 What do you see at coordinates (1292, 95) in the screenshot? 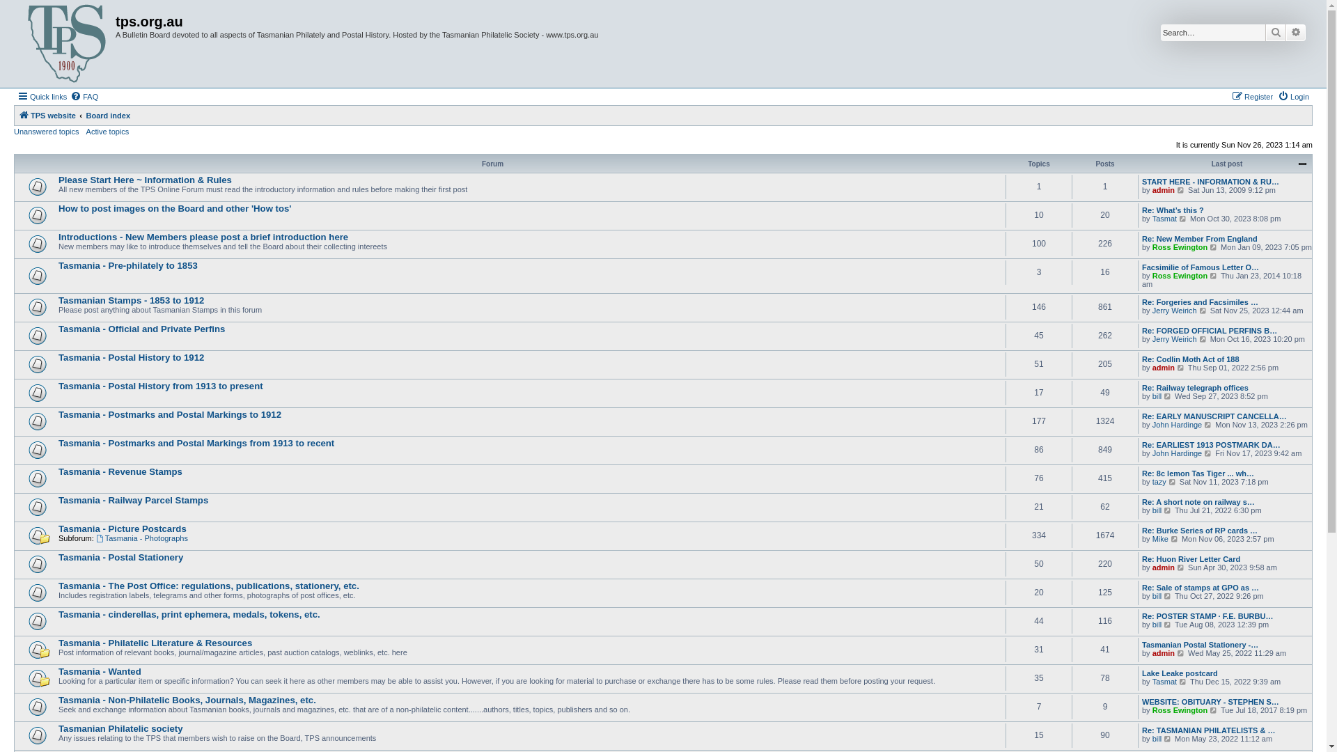
I see `'Login'` at bounding box center [1292, 95].